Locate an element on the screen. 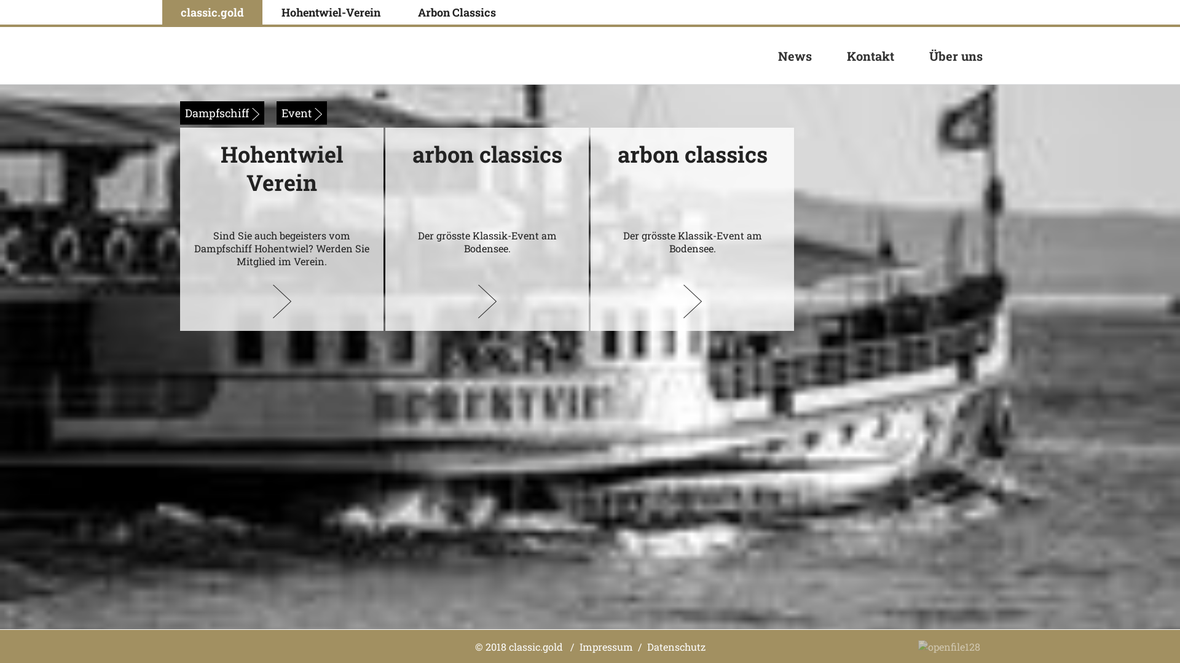 This screenshot has width=1180, height=663. 'Arbon Classics' is located at coordinates (399, 12).